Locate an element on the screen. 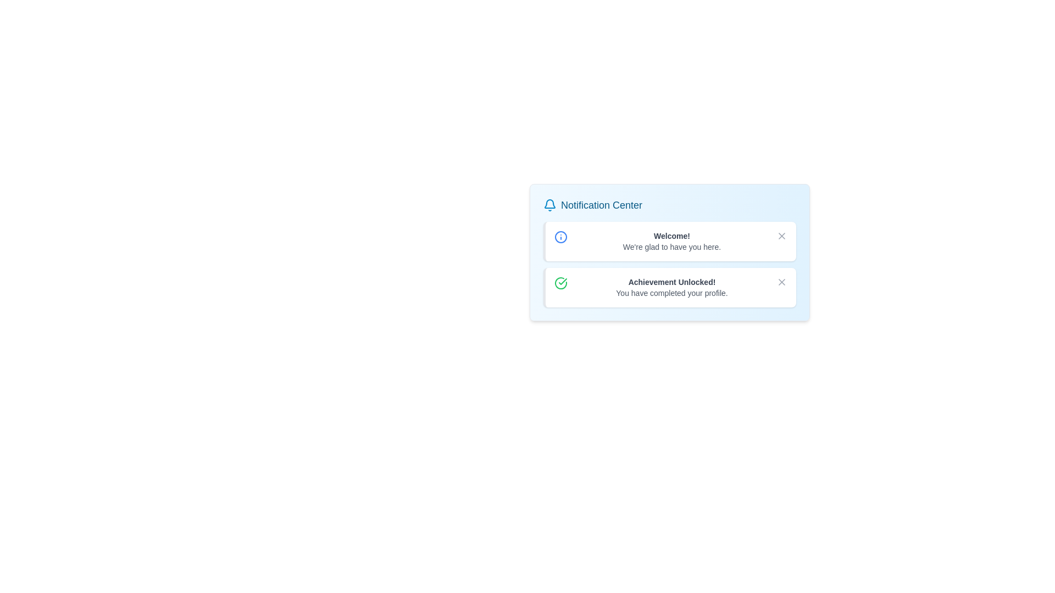 The image size is (1055, 593). the 'X' close icon located at the top-right corner of the second notification card is located at coordinates (781, 281).